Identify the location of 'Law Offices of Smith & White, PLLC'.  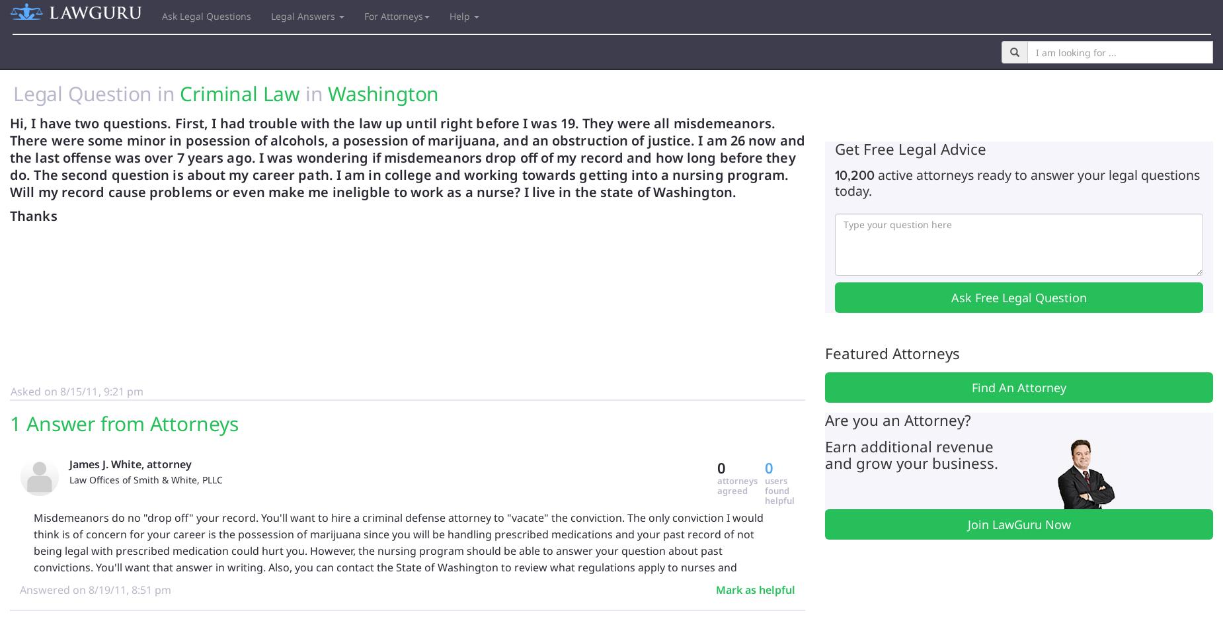
(145, 479).